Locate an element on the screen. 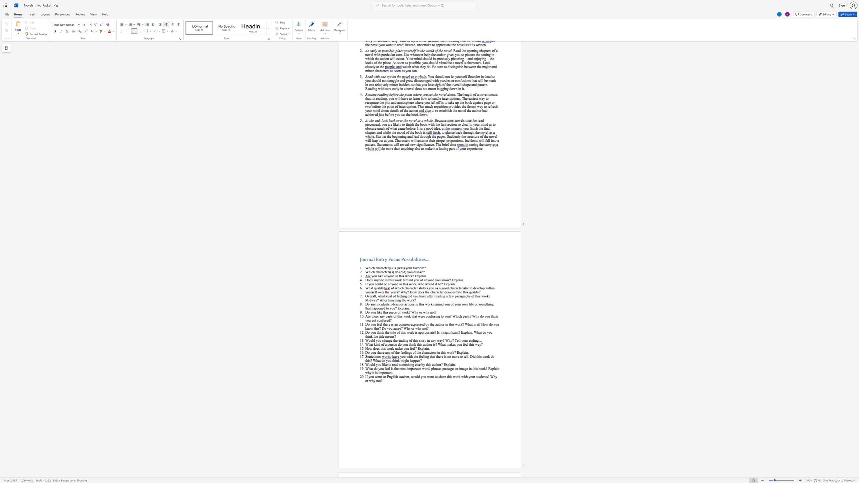 The height and width of the screenshot is (483, 859). the subset text "es" within the text "Sometimes" is located at coordinates (378, 356).